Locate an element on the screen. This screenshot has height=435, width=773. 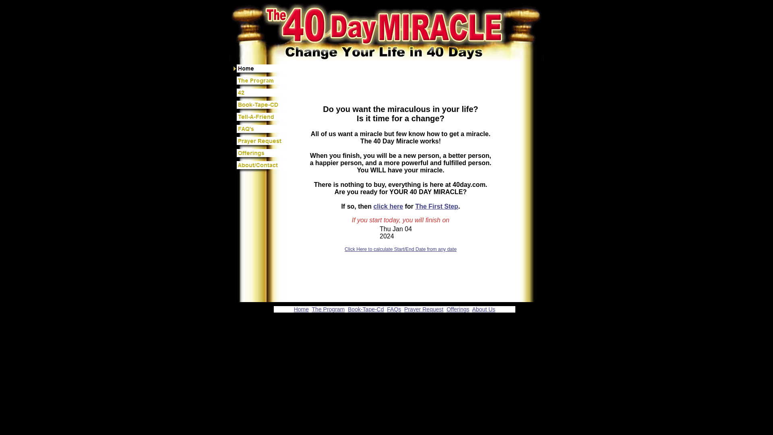
'40-Day-Miracle-head' is located at coordinates (229, 21).